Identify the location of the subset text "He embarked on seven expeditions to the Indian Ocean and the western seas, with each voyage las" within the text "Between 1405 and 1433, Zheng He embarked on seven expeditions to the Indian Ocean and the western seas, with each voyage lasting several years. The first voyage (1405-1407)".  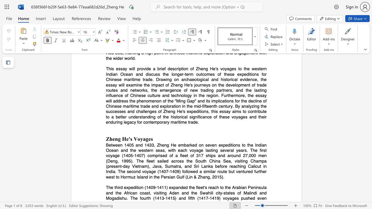
(170, 145).